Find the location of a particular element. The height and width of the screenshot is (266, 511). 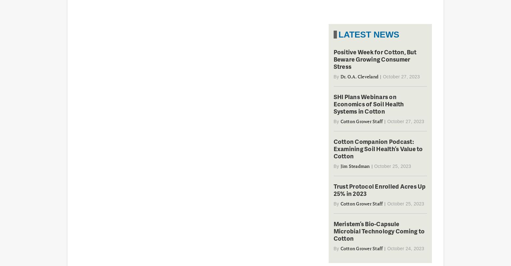

'Positive Week for Cotton, But Beware Growing Consumer Stress' is located at coordinates (374, 59).